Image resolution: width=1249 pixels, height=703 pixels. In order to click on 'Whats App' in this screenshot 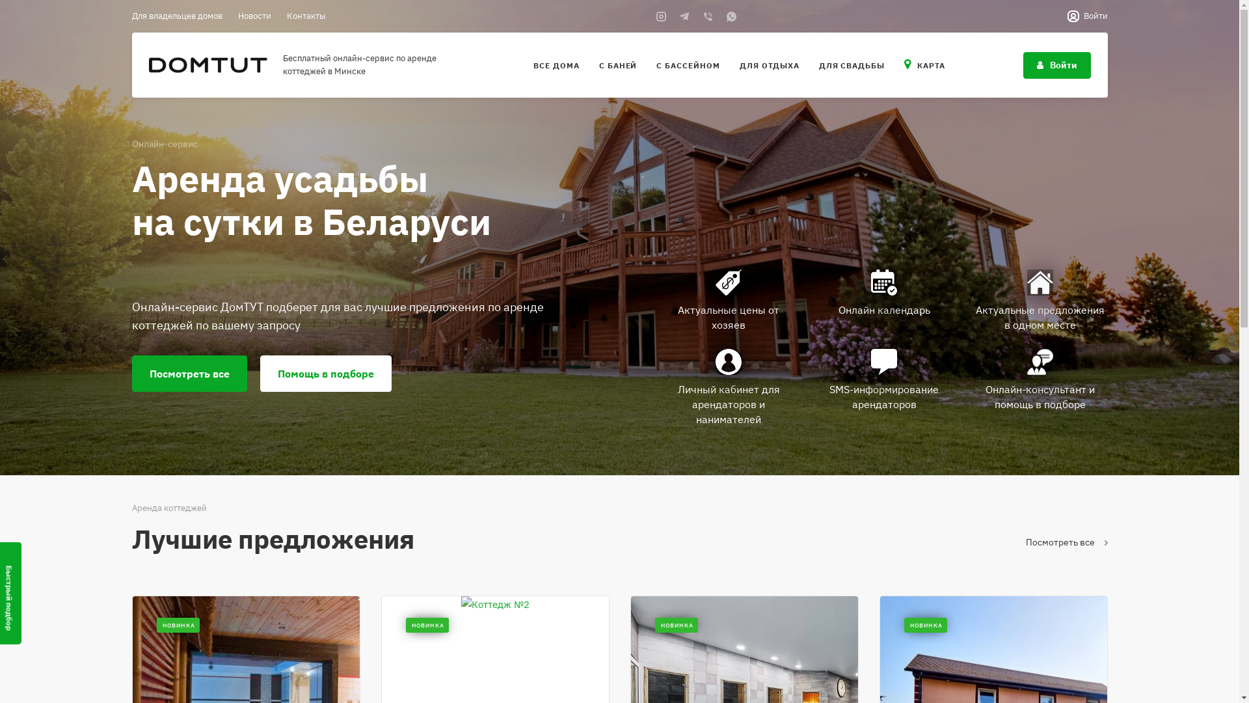, I will do `click(731, 16)`.